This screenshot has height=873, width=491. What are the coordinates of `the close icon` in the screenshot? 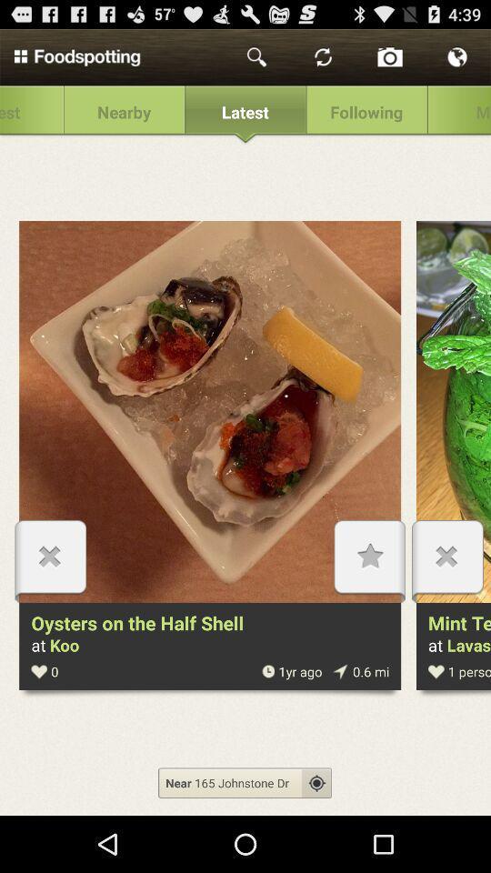 It's located at (446, 594).